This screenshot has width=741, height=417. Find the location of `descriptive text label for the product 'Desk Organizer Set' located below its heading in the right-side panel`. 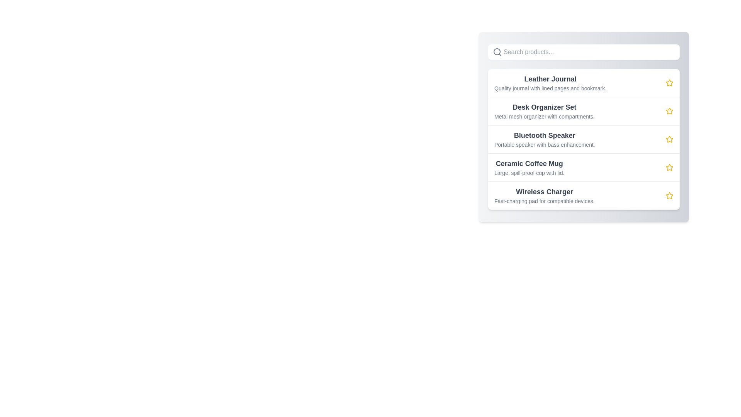

descriptive text label for the product 'Desk Organizer Set' located below its heading in the right-side panel is located at coordinates (544, 116).